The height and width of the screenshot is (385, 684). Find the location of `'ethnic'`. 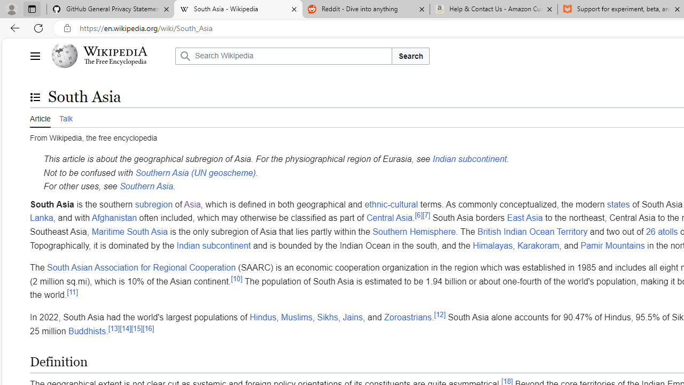

'ethnic' is located at coordinates (376, 204).